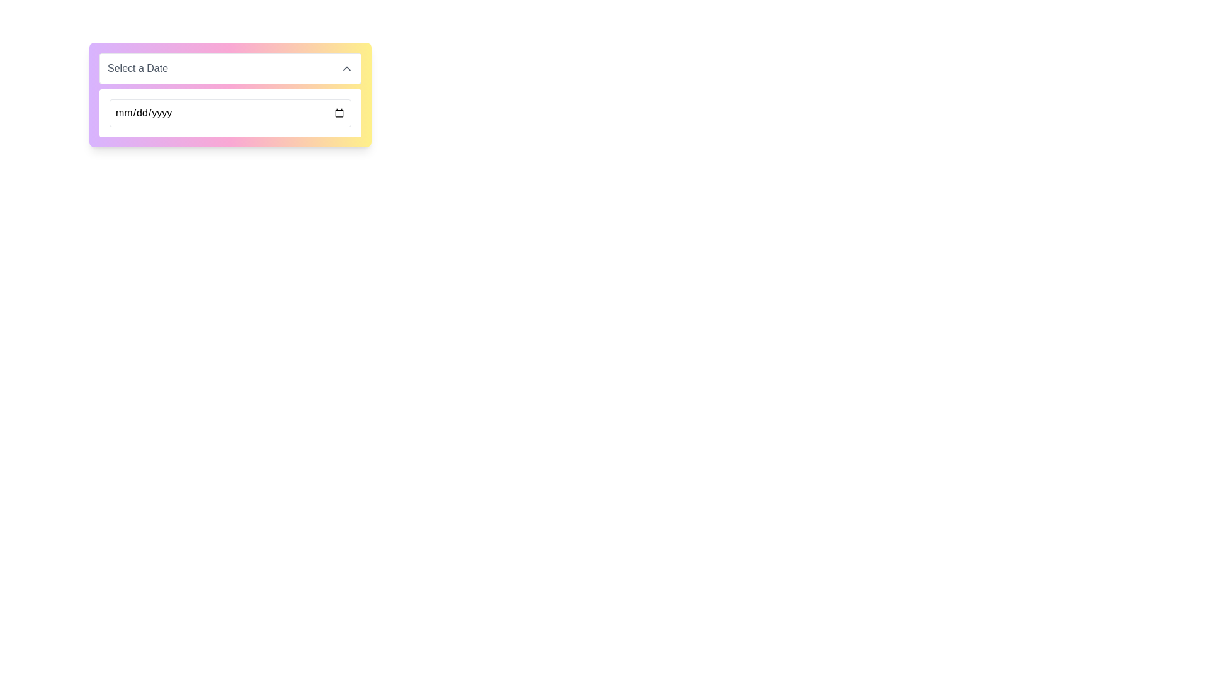  I want to click on the upwards-pointing chevron icon located to the right of the 'Select a Date' text, so click(347, 68).